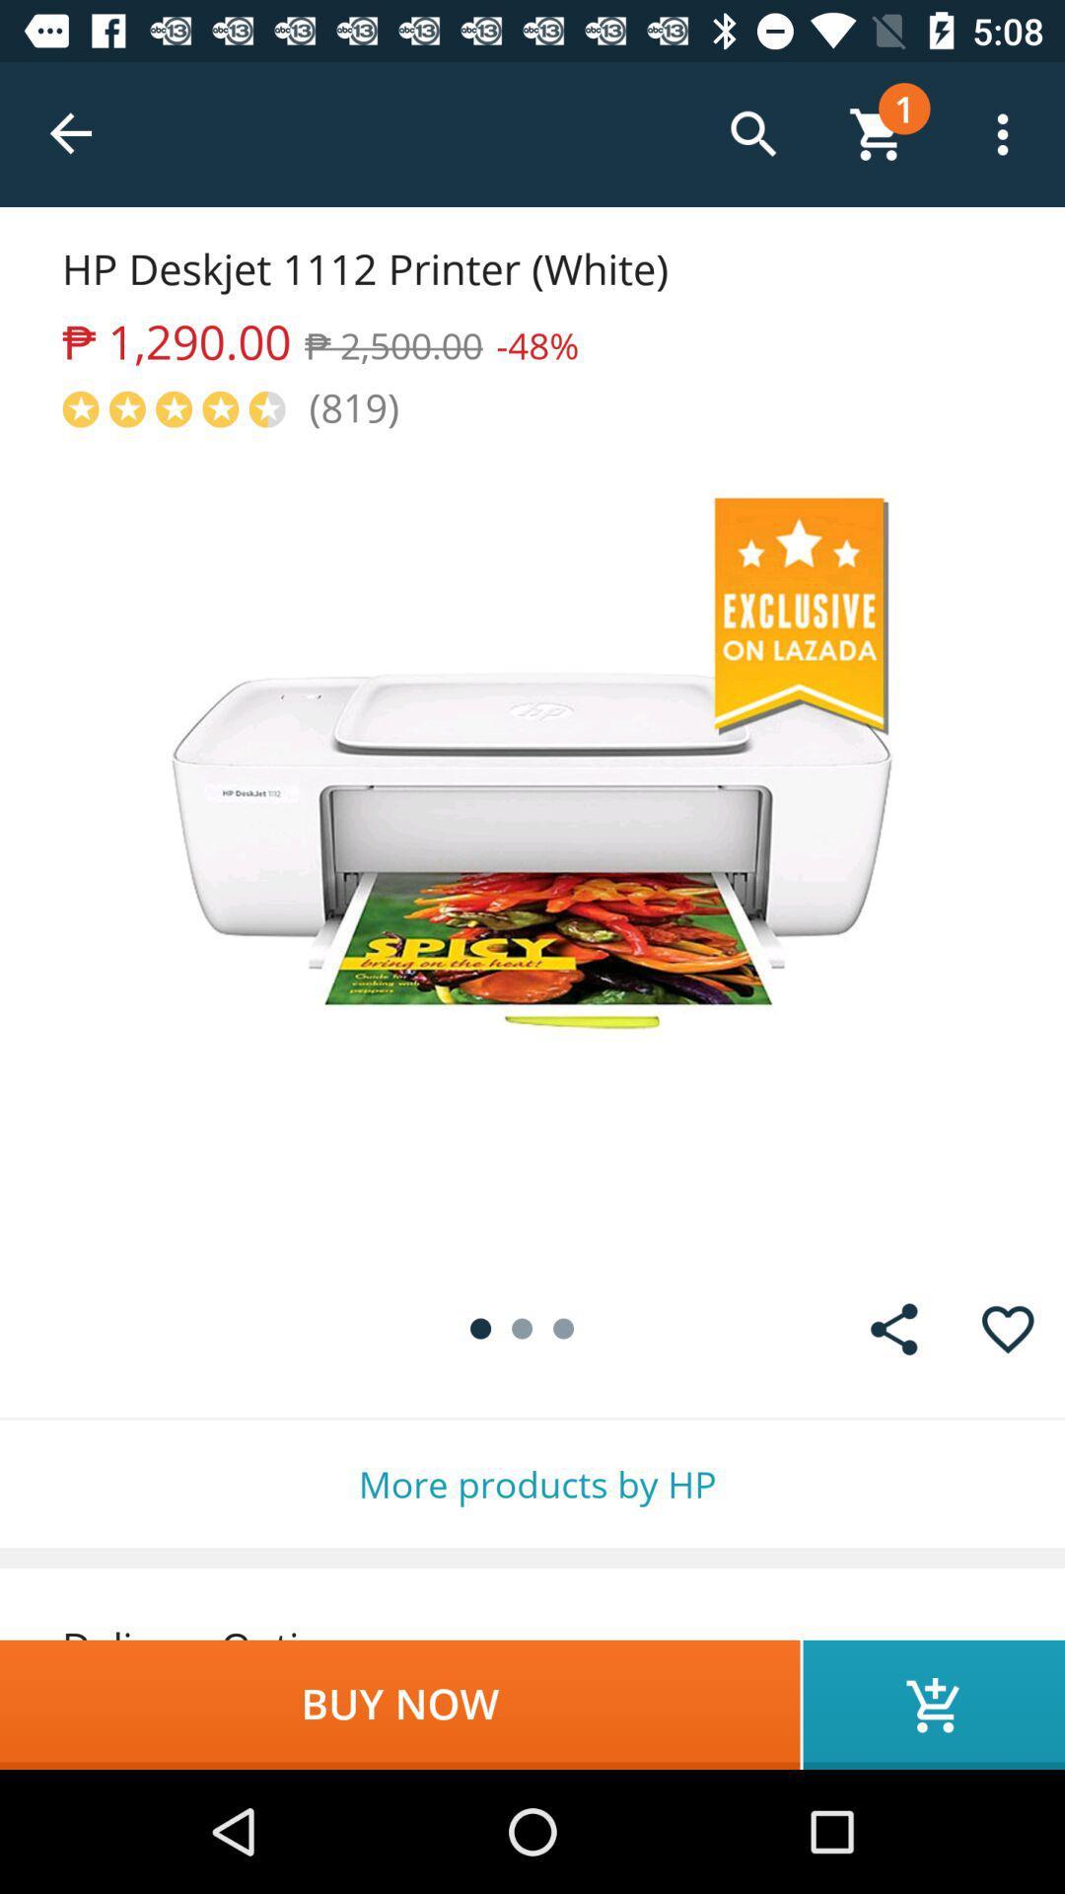  I want to click on item at the center, so click(532, 852).